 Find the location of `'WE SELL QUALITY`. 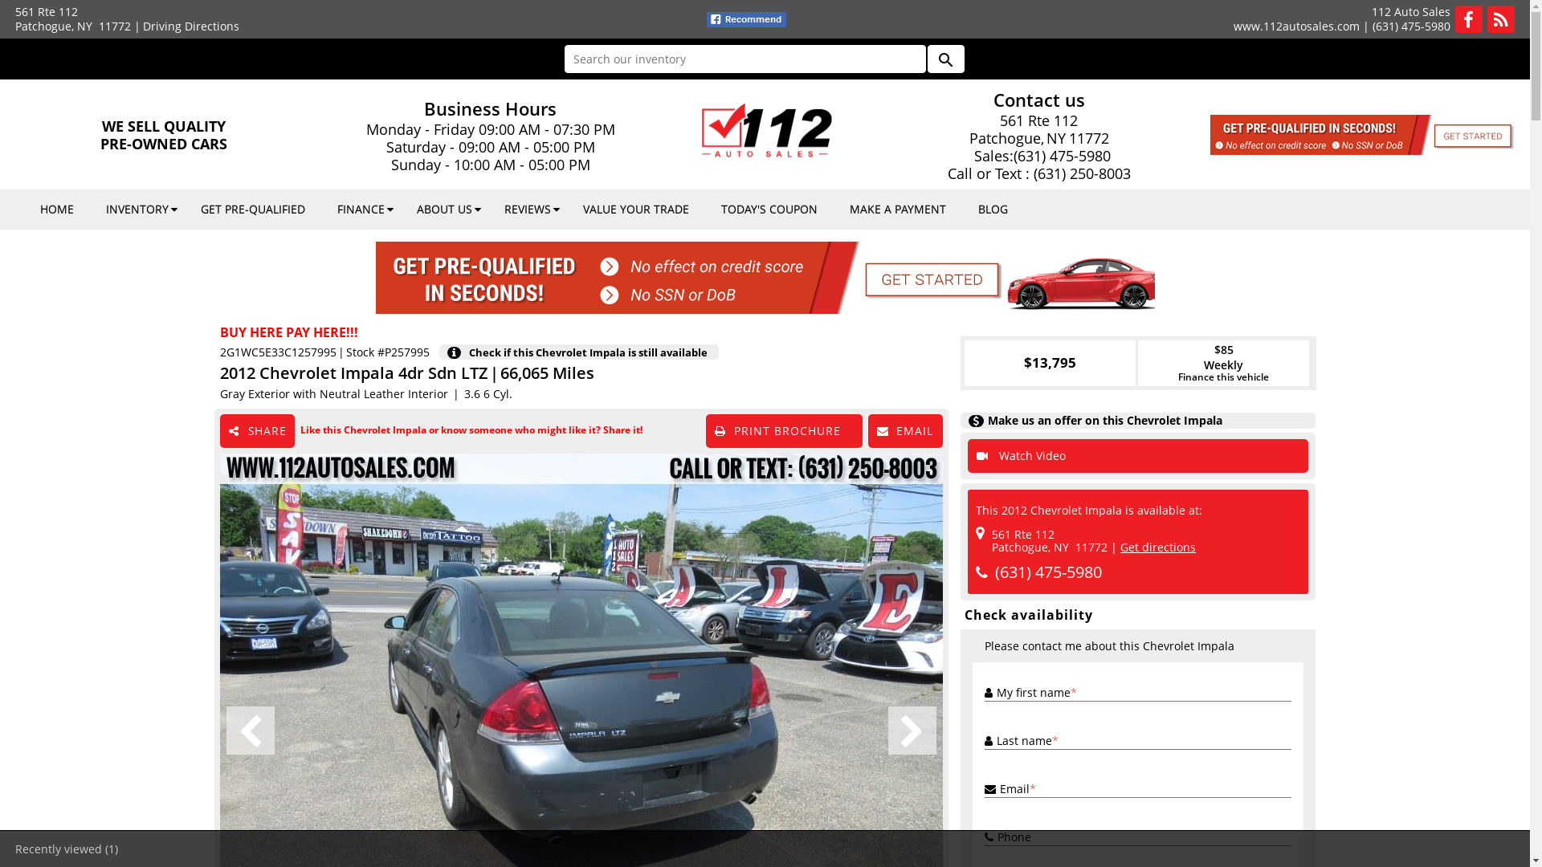

'WE SELL QUALITY is located at coordinates (164, 134).